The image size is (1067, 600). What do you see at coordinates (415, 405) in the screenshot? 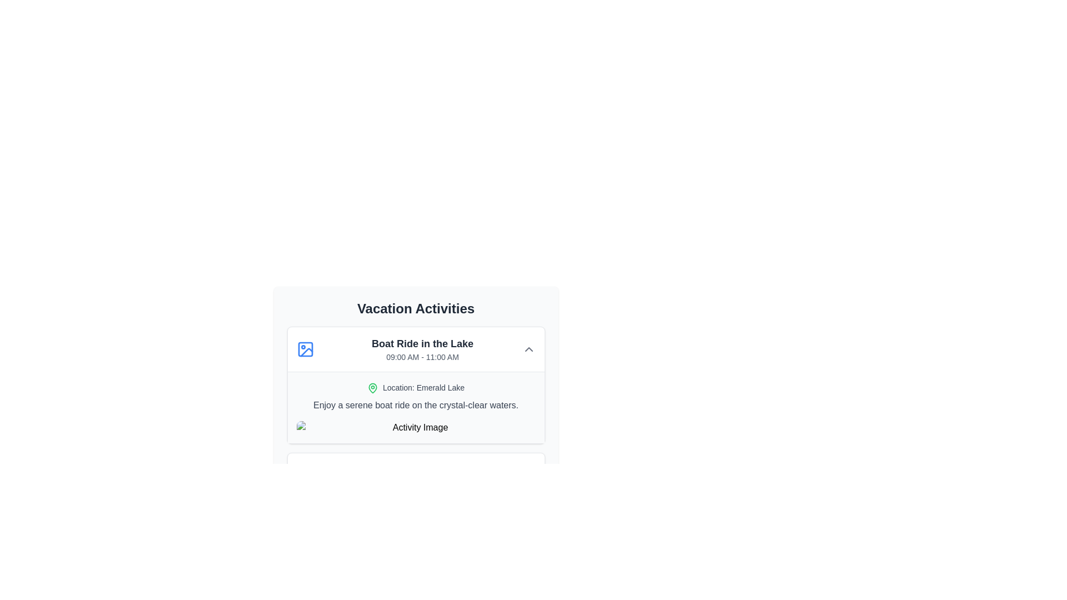
I see `text block displaying 'Enjoy a serene boat ride on the crystal-clear waters.' which is medium-sized, gray, and located below the 'Location: Emerald Lake' text` at bounding box center [415, 405].